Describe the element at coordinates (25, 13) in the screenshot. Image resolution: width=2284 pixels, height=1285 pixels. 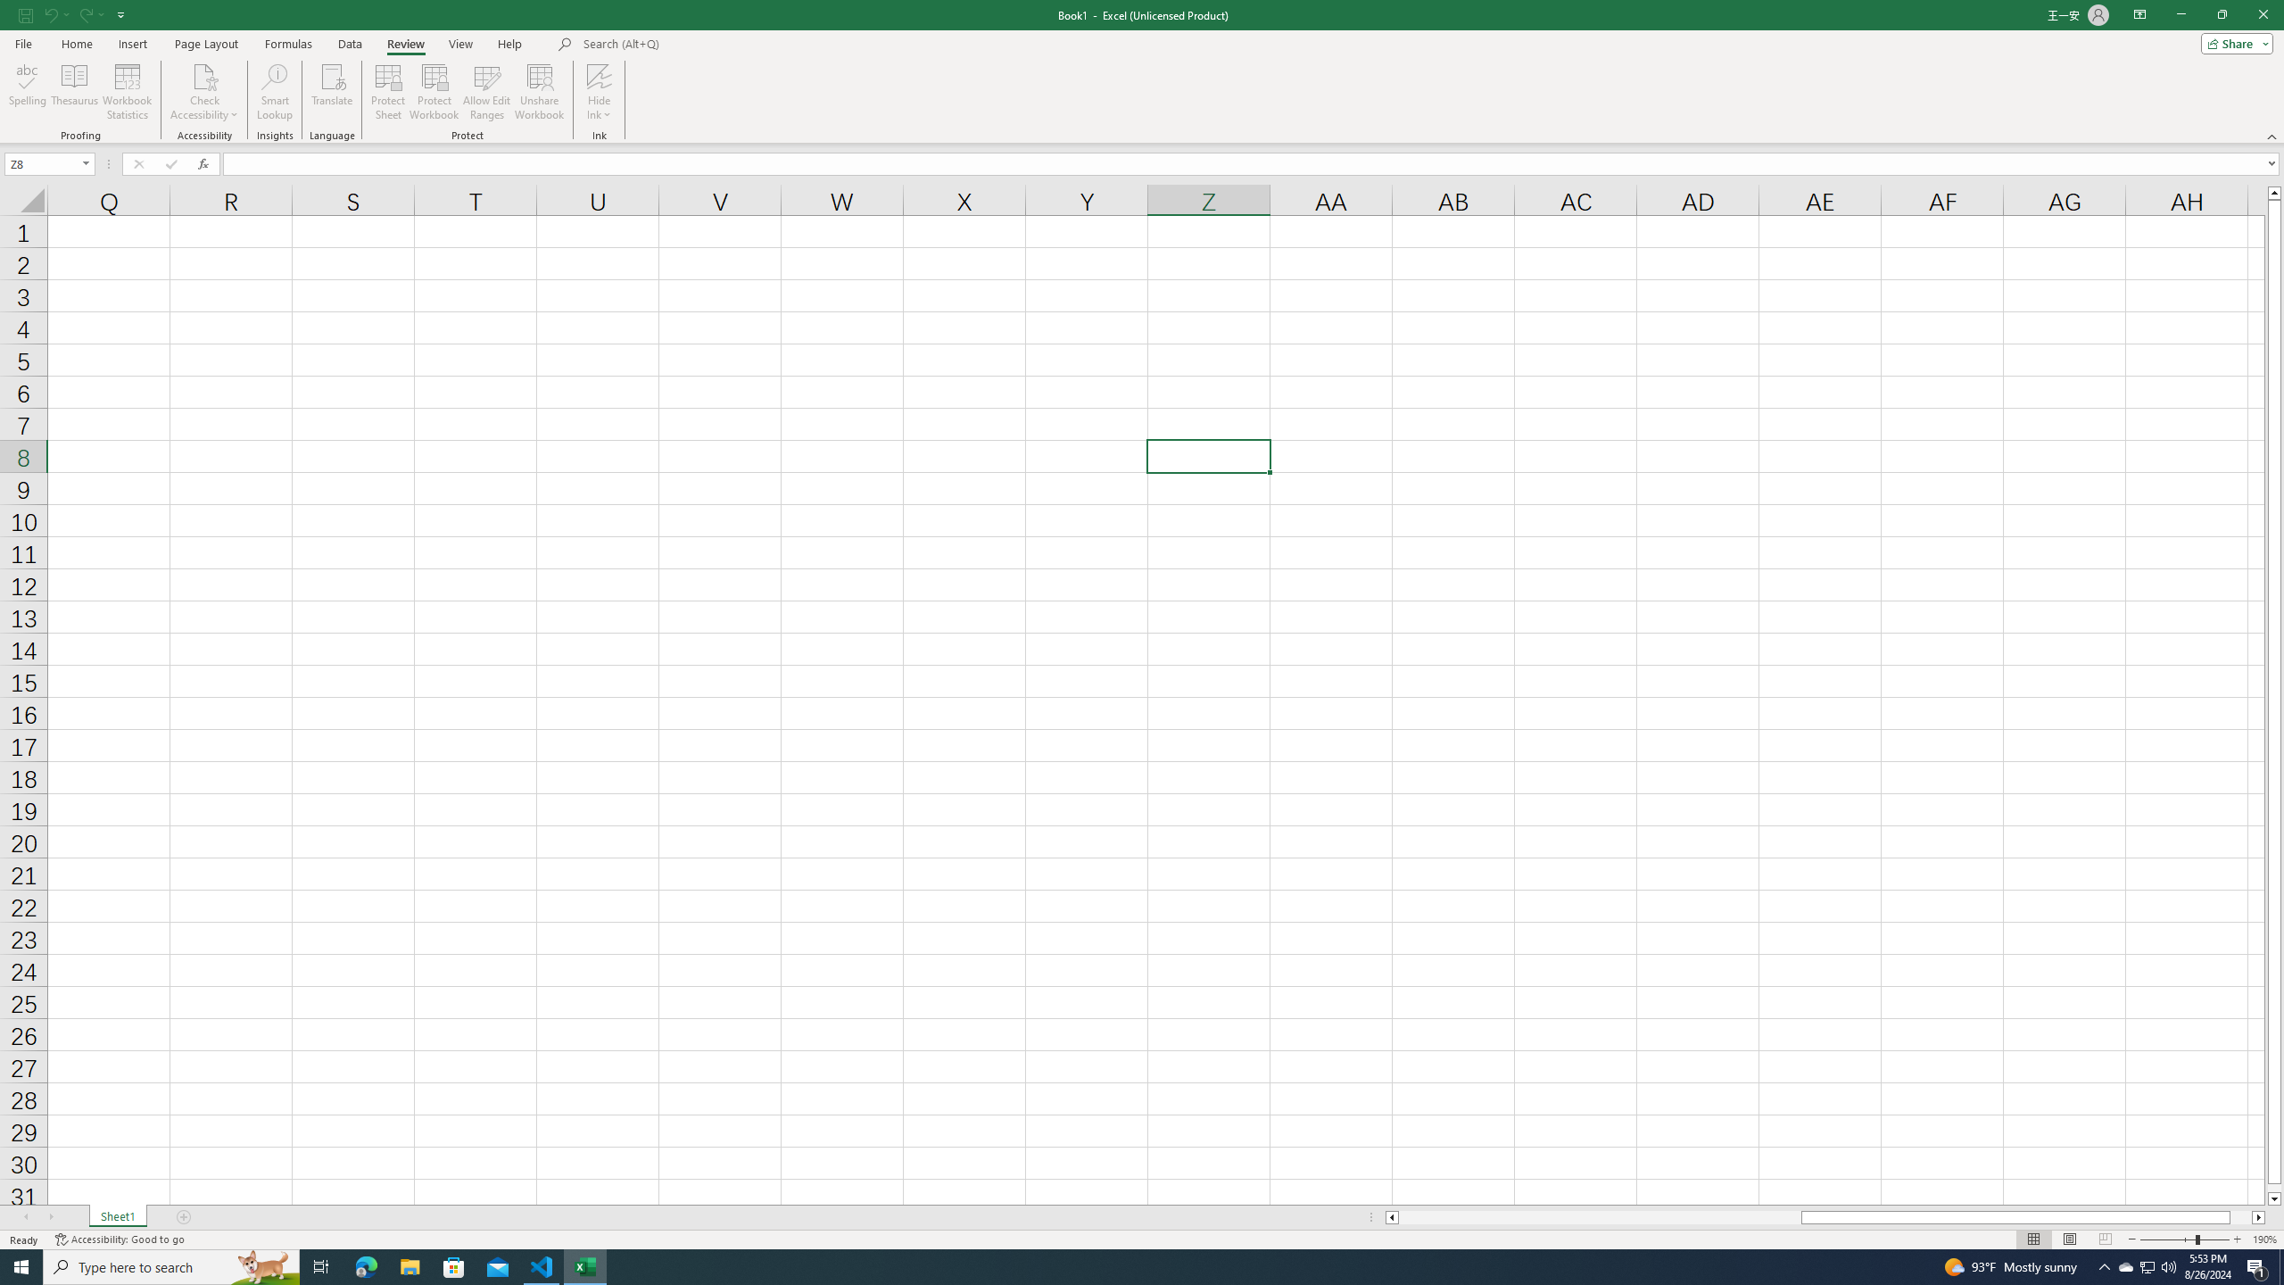
I see `'Save'` at that location.